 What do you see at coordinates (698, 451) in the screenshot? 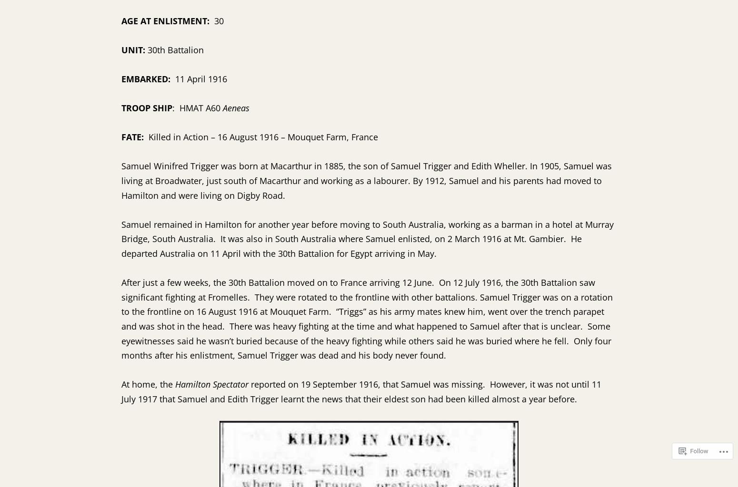
I see `'Follow'` at bounding box center [698, 451].